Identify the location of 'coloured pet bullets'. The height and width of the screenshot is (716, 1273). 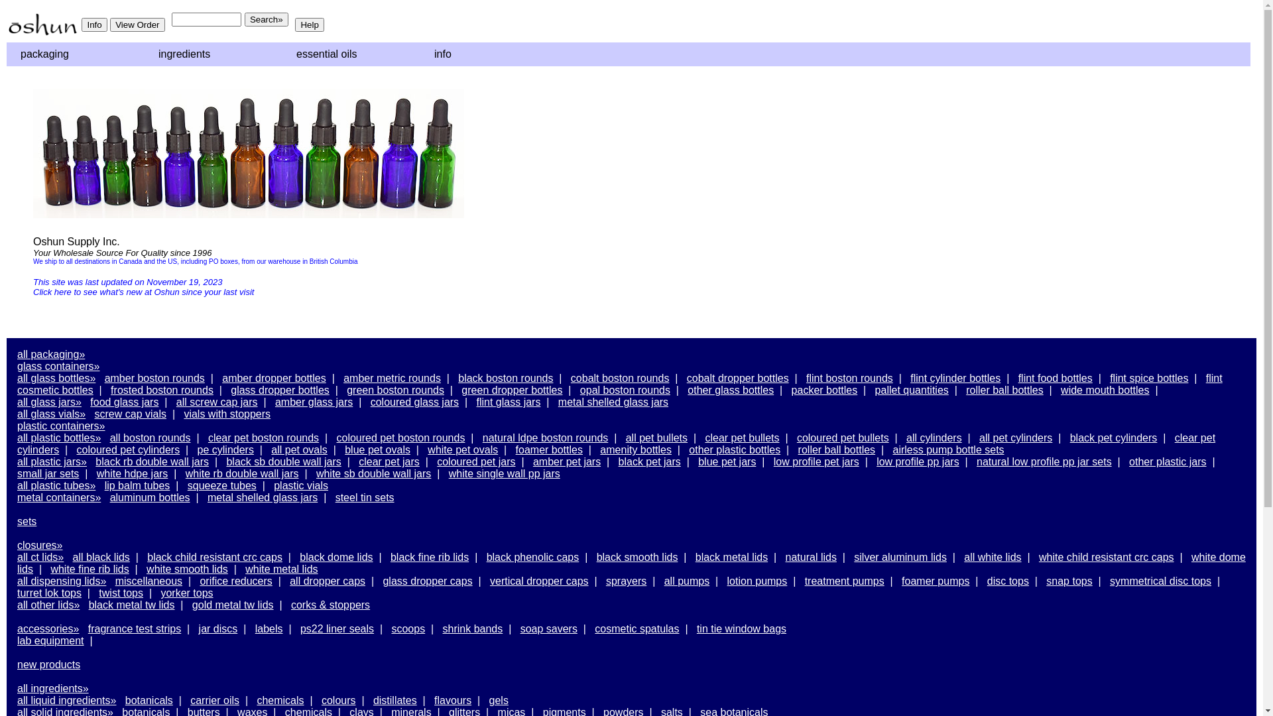
(842, 438).